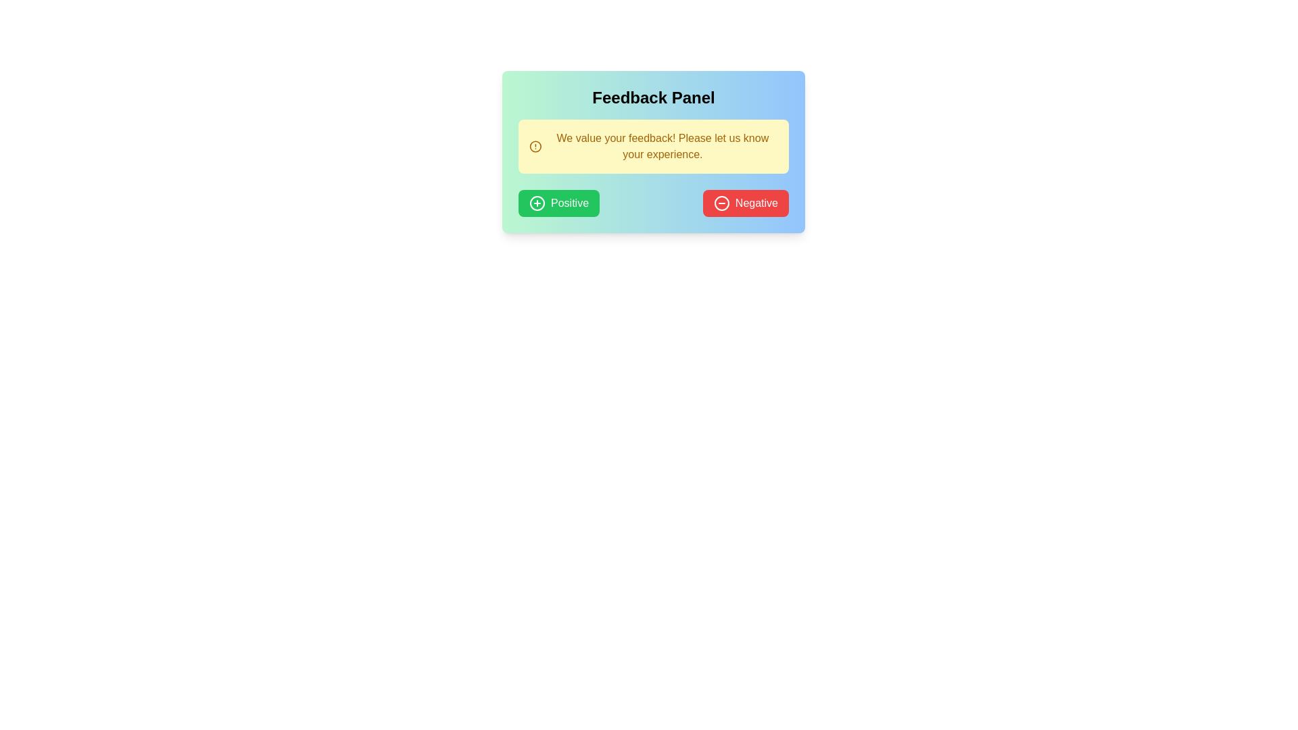 This screenshot has width=1298, height=730. Describe the element at coordinates (653, 97) in the screenshot. I see `the heading text label for the feedback section, which is centrally aligned above the yellow feedback instructions box and the Positive and Negative buttons` at that location.